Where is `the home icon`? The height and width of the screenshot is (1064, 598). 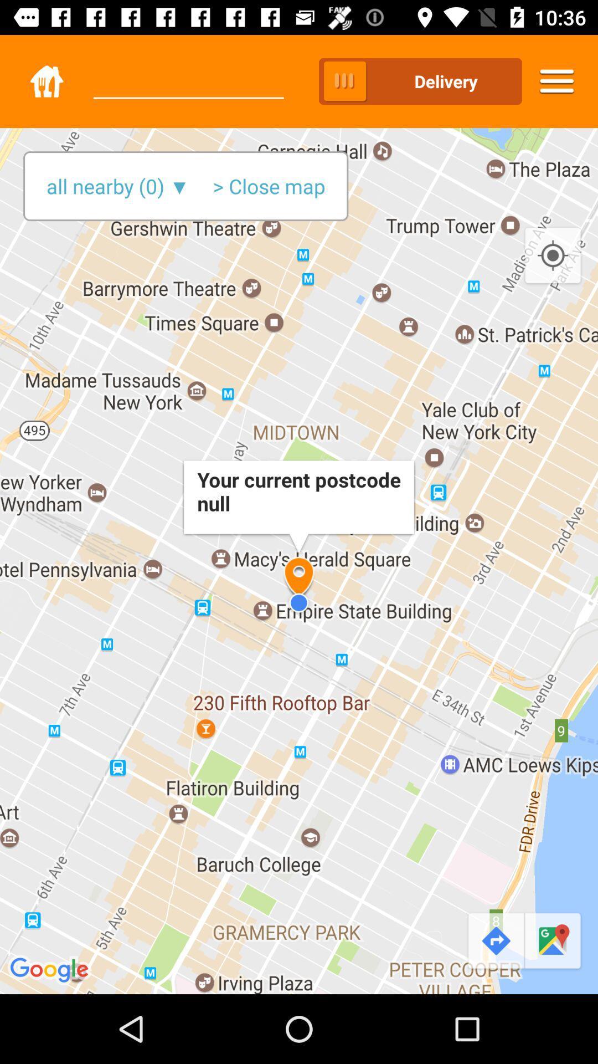
the home icon is located at coordinates (46, 81).